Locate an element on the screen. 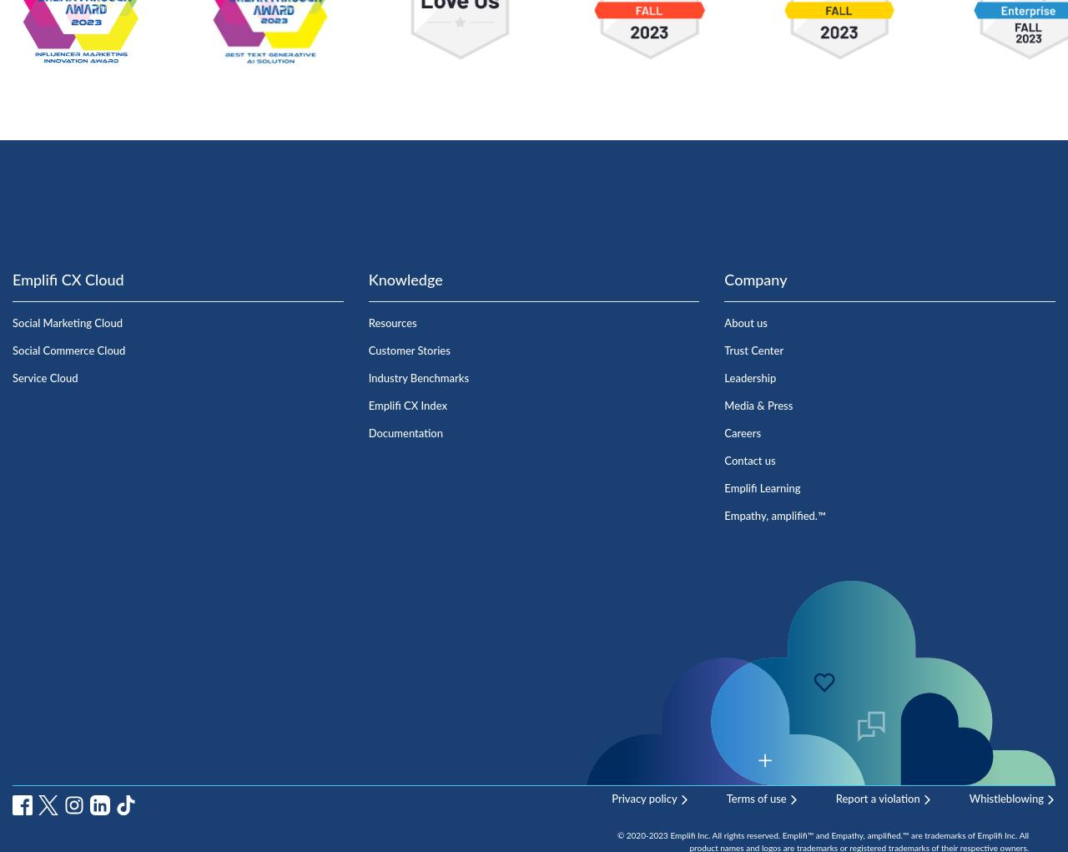 The width and height of the screenshot is (1068, 852). 'Leadership' is located at coordinates (723, 378).